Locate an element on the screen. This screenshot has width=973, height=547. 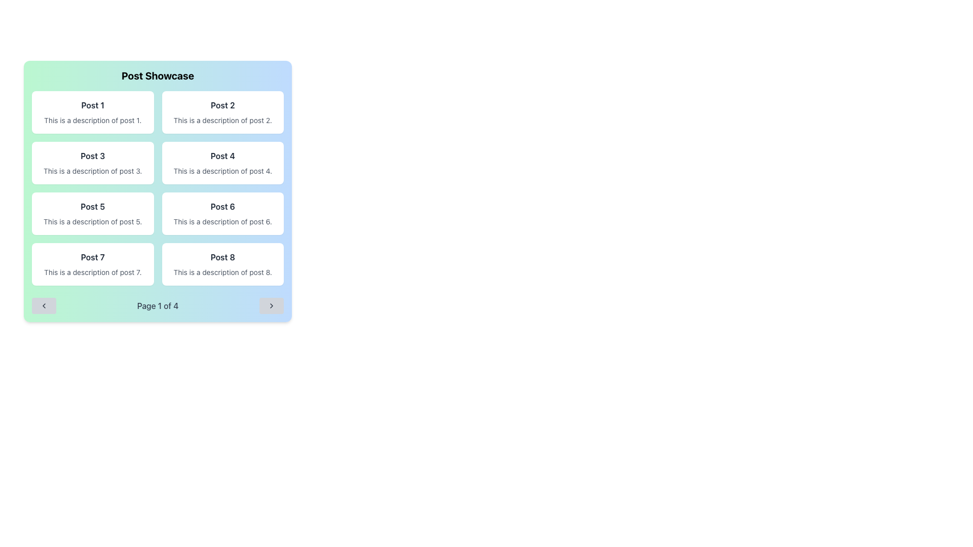
the text element that reads 'This is a description of post 1.' which is styled in gray color and located below the title 'Post 1' in the grid layout of the 'Post Showcase' panel is located at coordinates (93, 120).